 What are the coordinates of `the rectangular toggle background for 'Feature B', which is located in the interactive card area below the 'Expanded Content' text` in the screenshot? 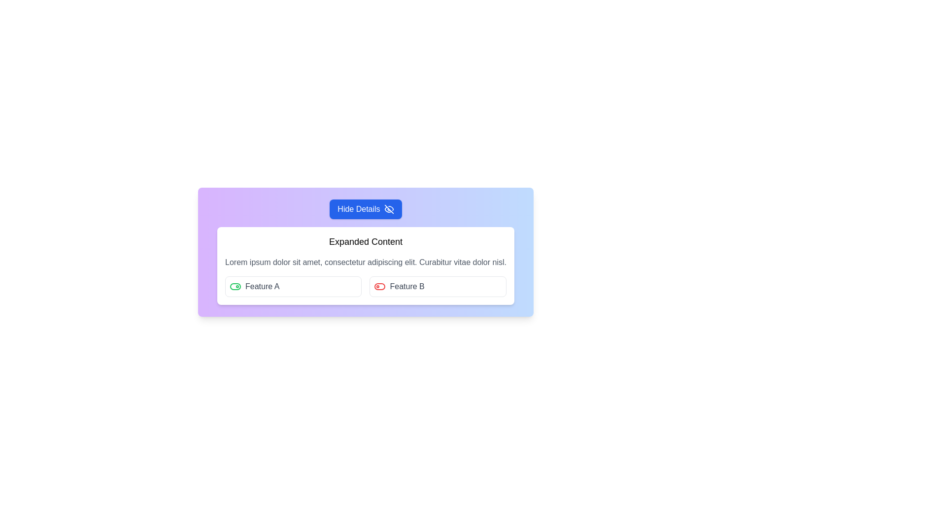 It's located at (379, 287).